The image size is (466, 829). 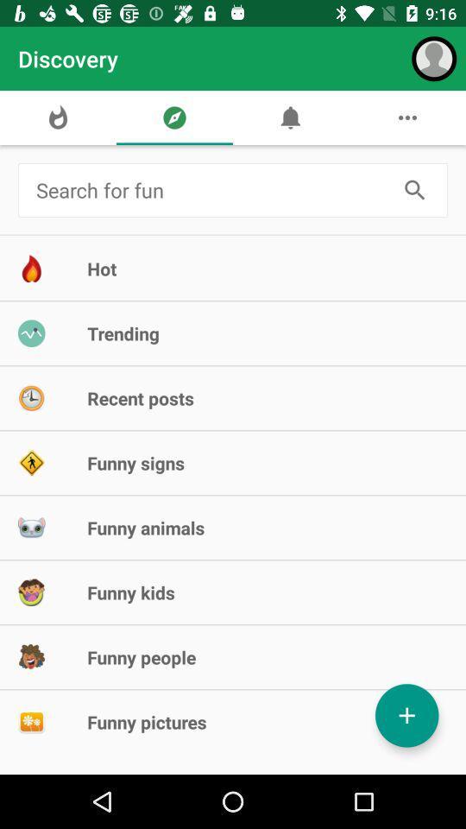 What do you see at coordinates (211, 190) in the screenshot?
I see `populate search bar` at bounding box center [211, 190].